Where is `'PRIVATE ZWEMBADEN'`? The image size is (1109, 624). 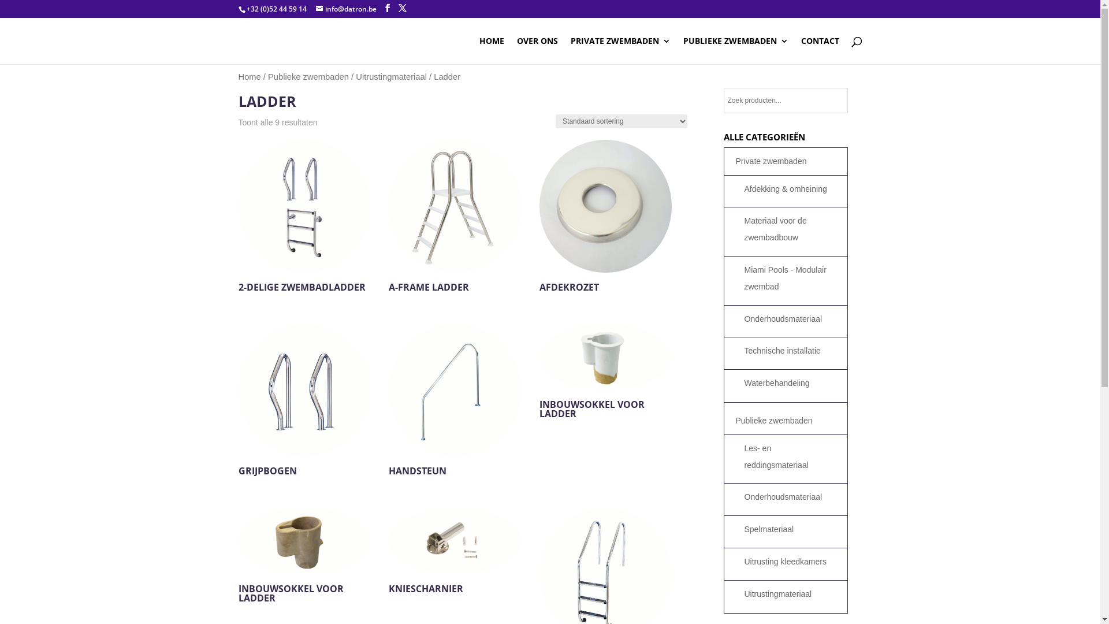 'PRIVATE ZWEMBADEN' is located at coordinates (620, 50).